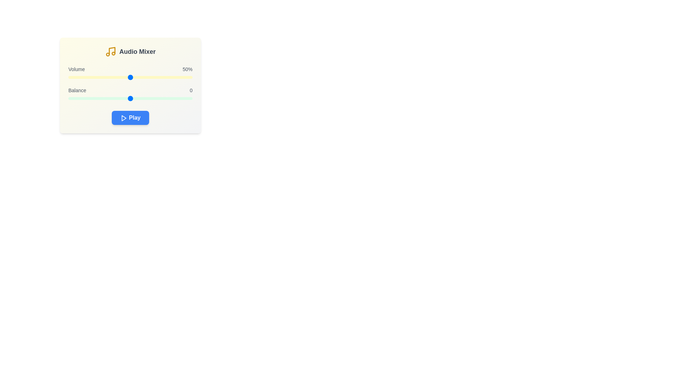  What do you see at coordinates (191, 90) in the screenshot?
I see `numeric balance value displayed in the Text label located in the 'Balance' section, adjacent to the 'Balance' label` at bounding box center [191, 90].